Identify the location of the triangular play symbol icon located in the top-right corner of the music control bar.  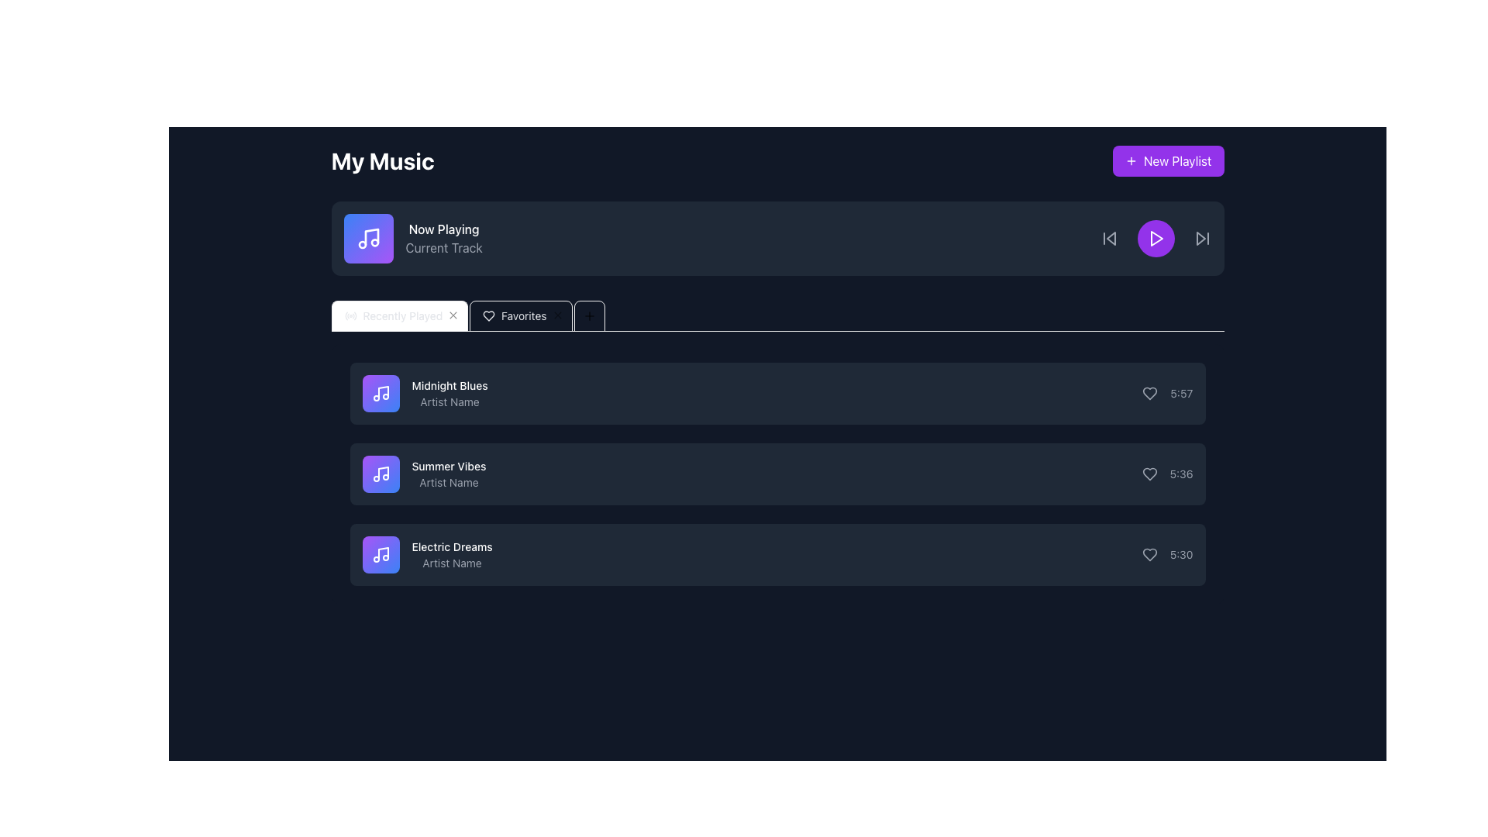
(1156, 239).